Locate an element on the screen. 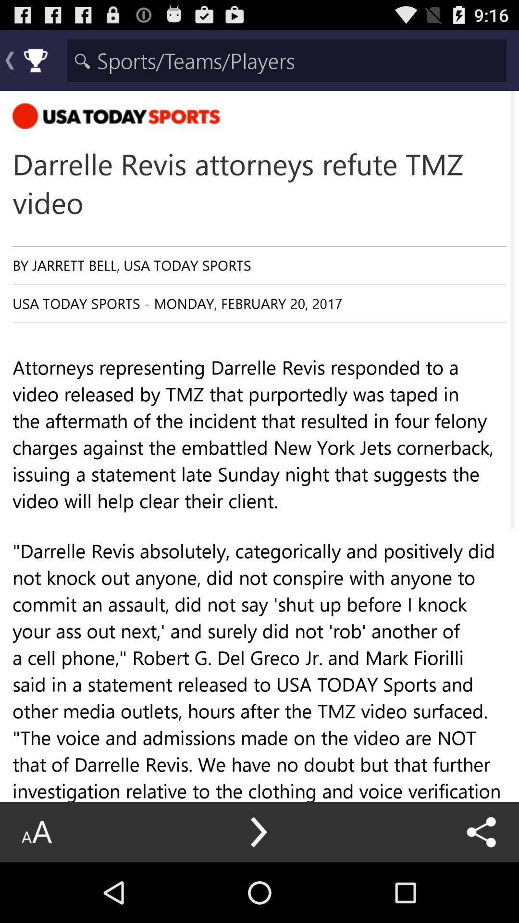 The height and width of the screenshot is (923, 519). the the 11 second item is located at coordinates (259, 859).